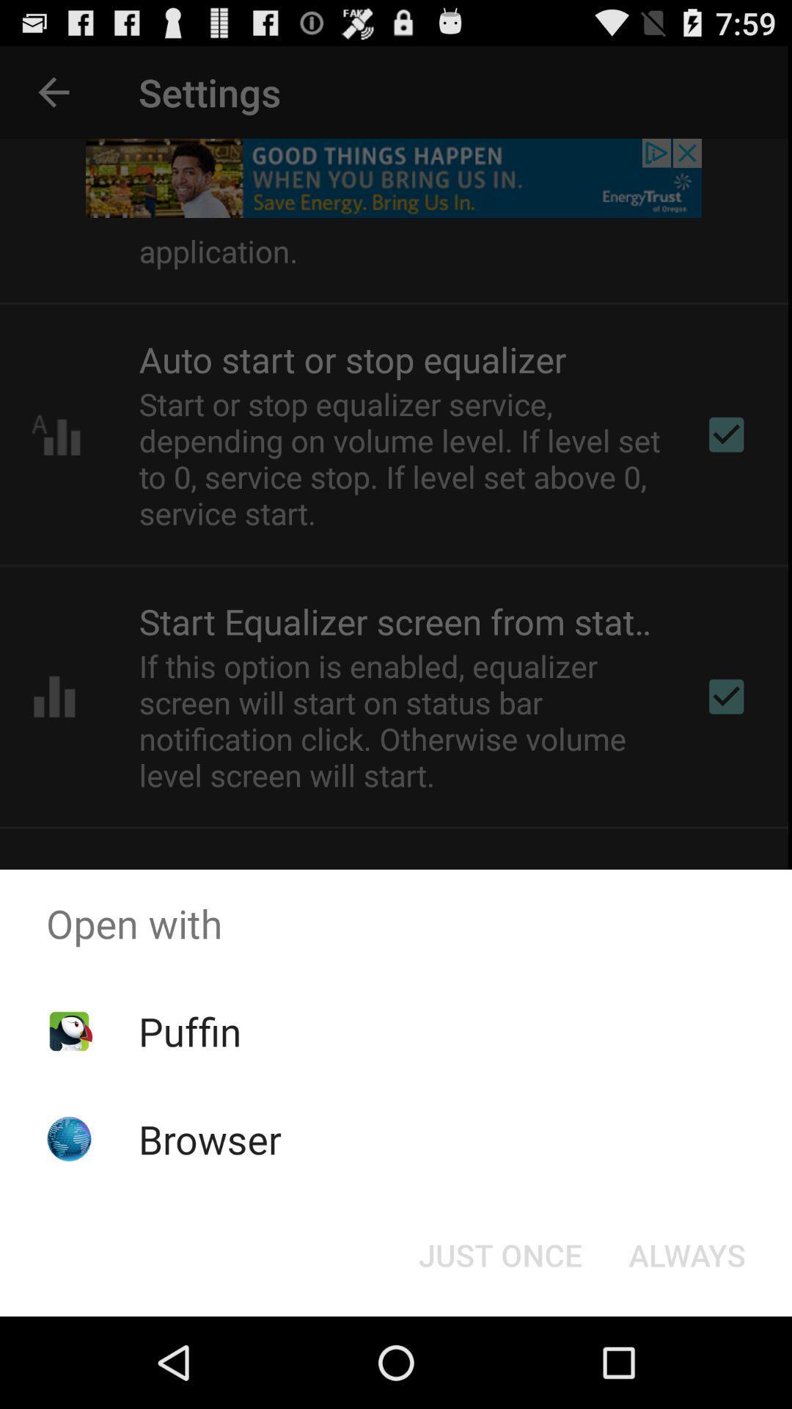 The width and height of the screenshot is (792, 1409). What do you see at coordinates (189, 1030) in the screenshot?
I see `puffin item` at bounding box center [189, 1030].